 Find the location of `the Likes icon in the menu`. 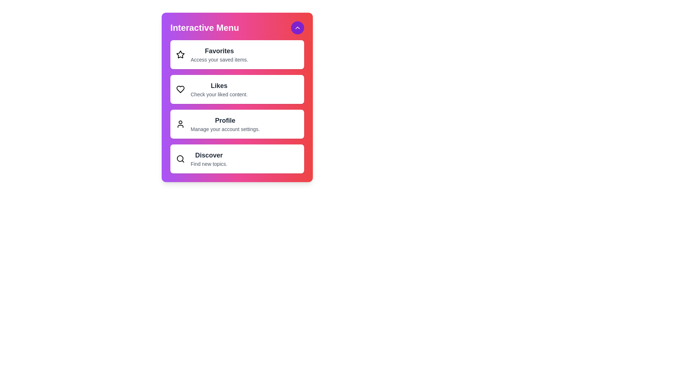

the Likes icon in the menu is located at coordinates (181, 89).